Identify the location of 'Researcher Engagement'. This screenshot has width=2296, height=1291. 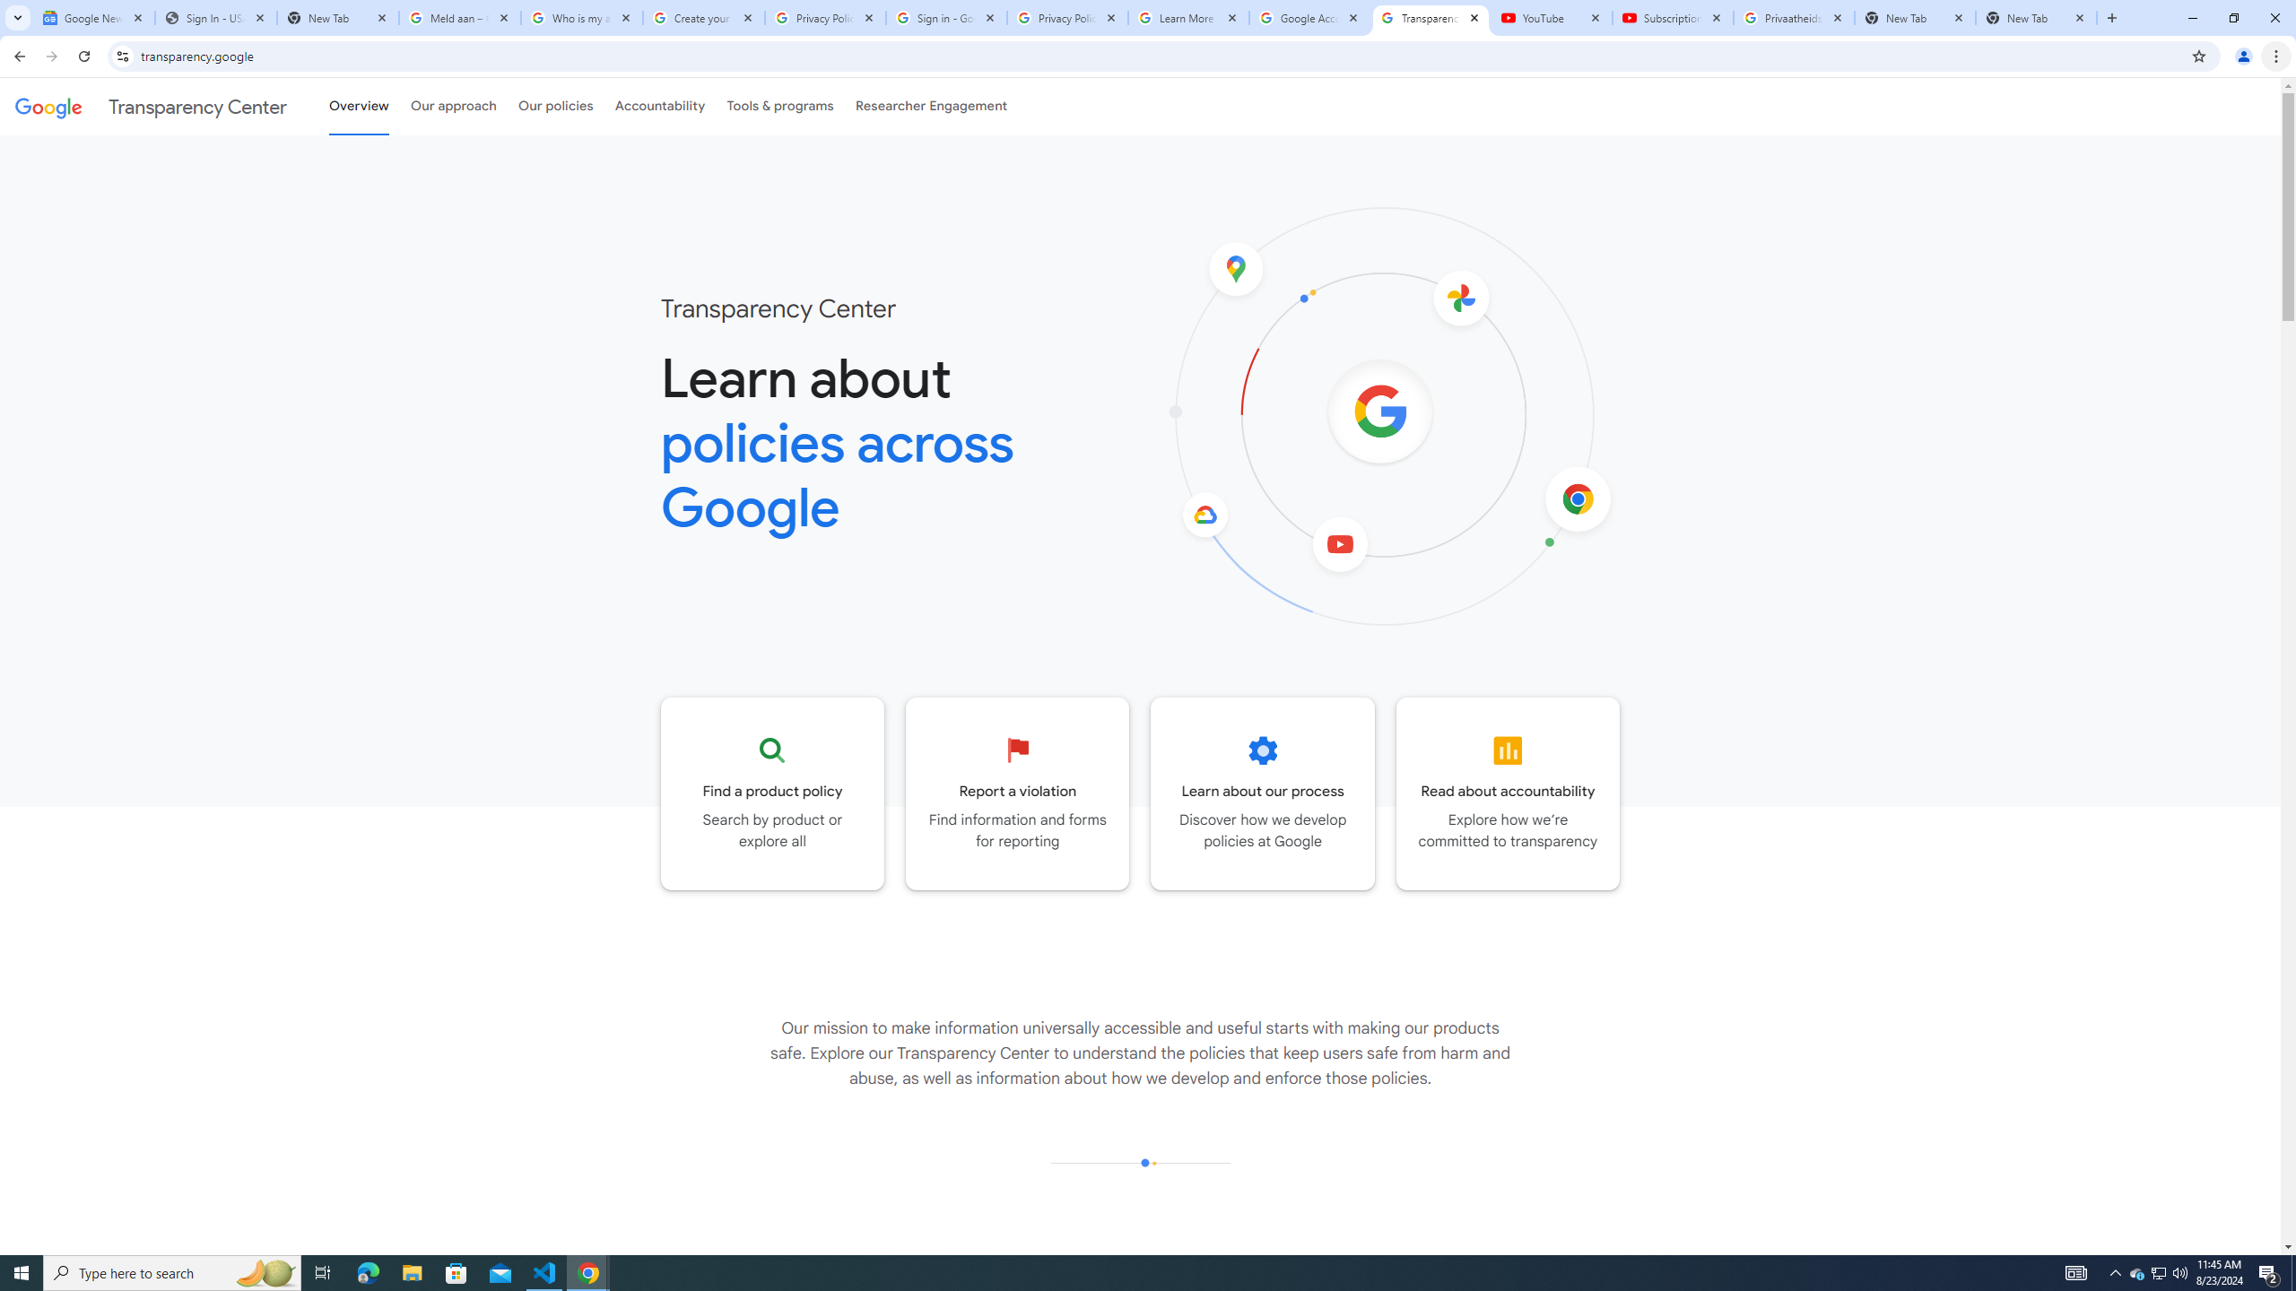
(932, 106).